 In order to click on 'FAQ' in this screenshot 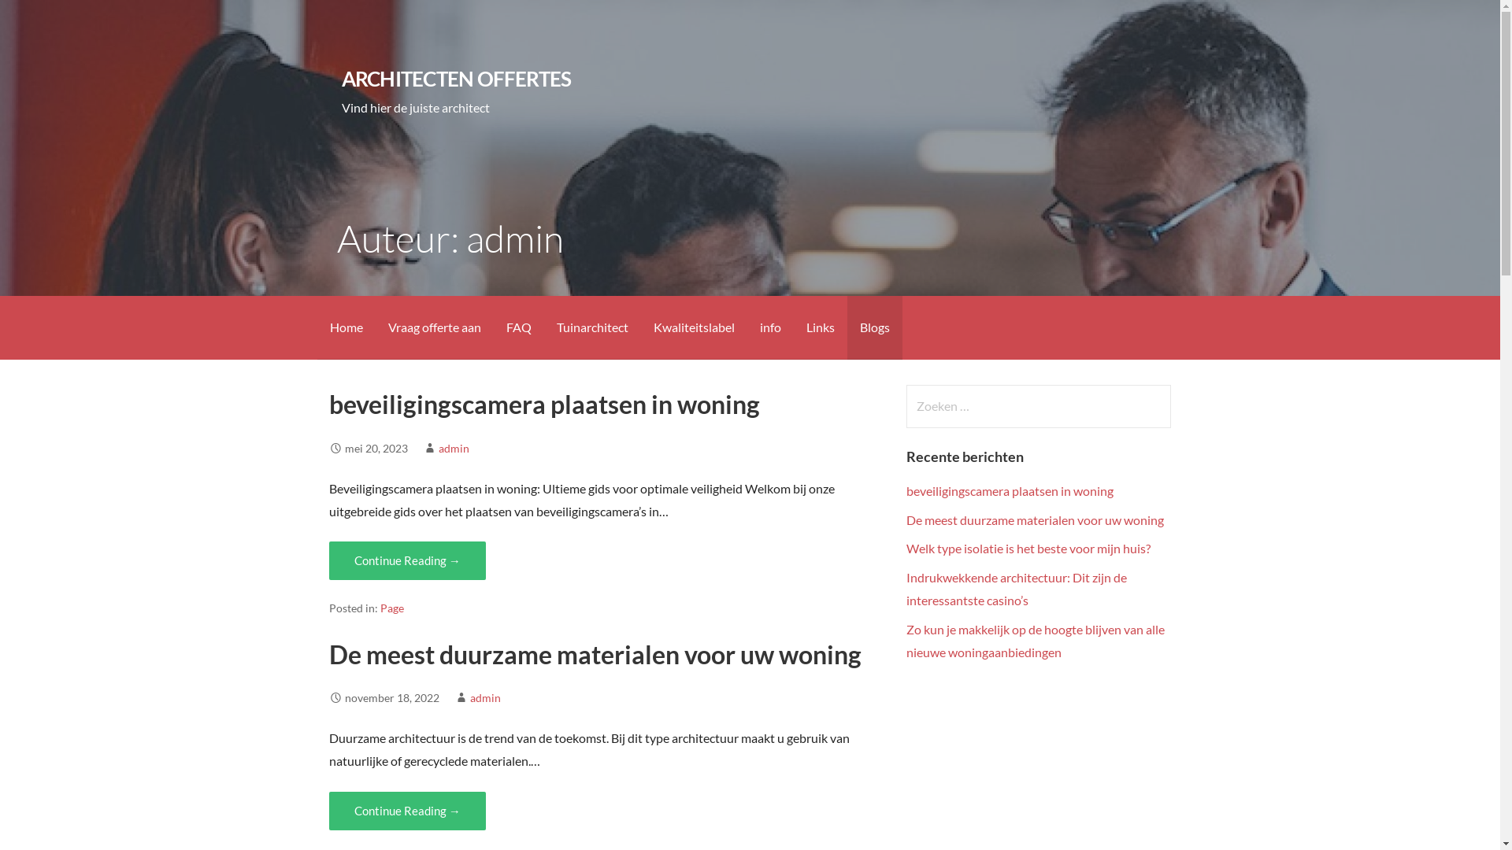, I will do `click(517, 327)`.